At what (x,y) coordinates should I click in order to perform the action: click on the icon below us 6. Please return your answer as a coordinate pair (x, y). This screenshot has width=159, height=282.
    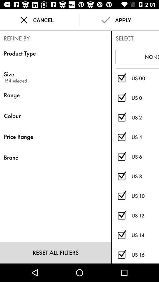
    Looking at the image, I should click on (145, 176).